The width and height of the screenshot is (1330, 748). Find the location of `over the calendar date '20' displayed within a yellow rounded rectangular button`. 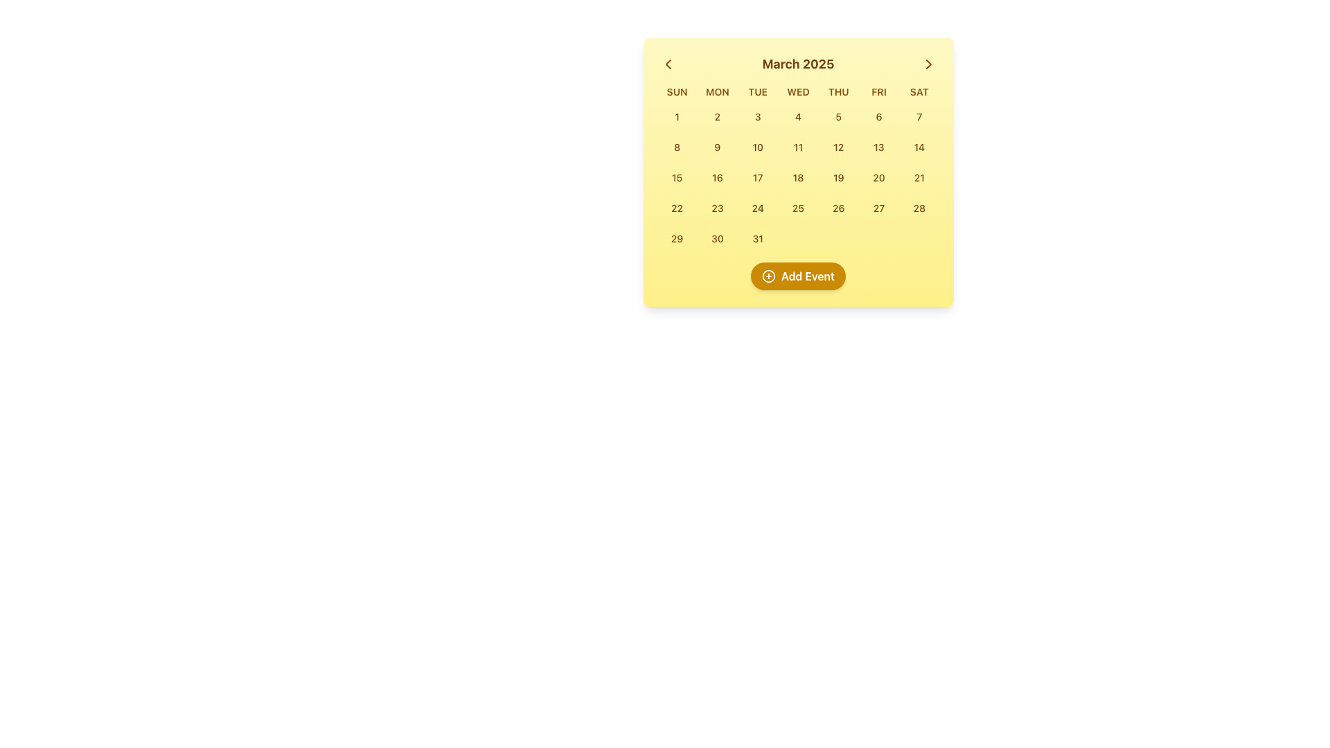

over the calendar date '20' displayed within a yellow rounded rectangular button is located at coordinates (878, 177).